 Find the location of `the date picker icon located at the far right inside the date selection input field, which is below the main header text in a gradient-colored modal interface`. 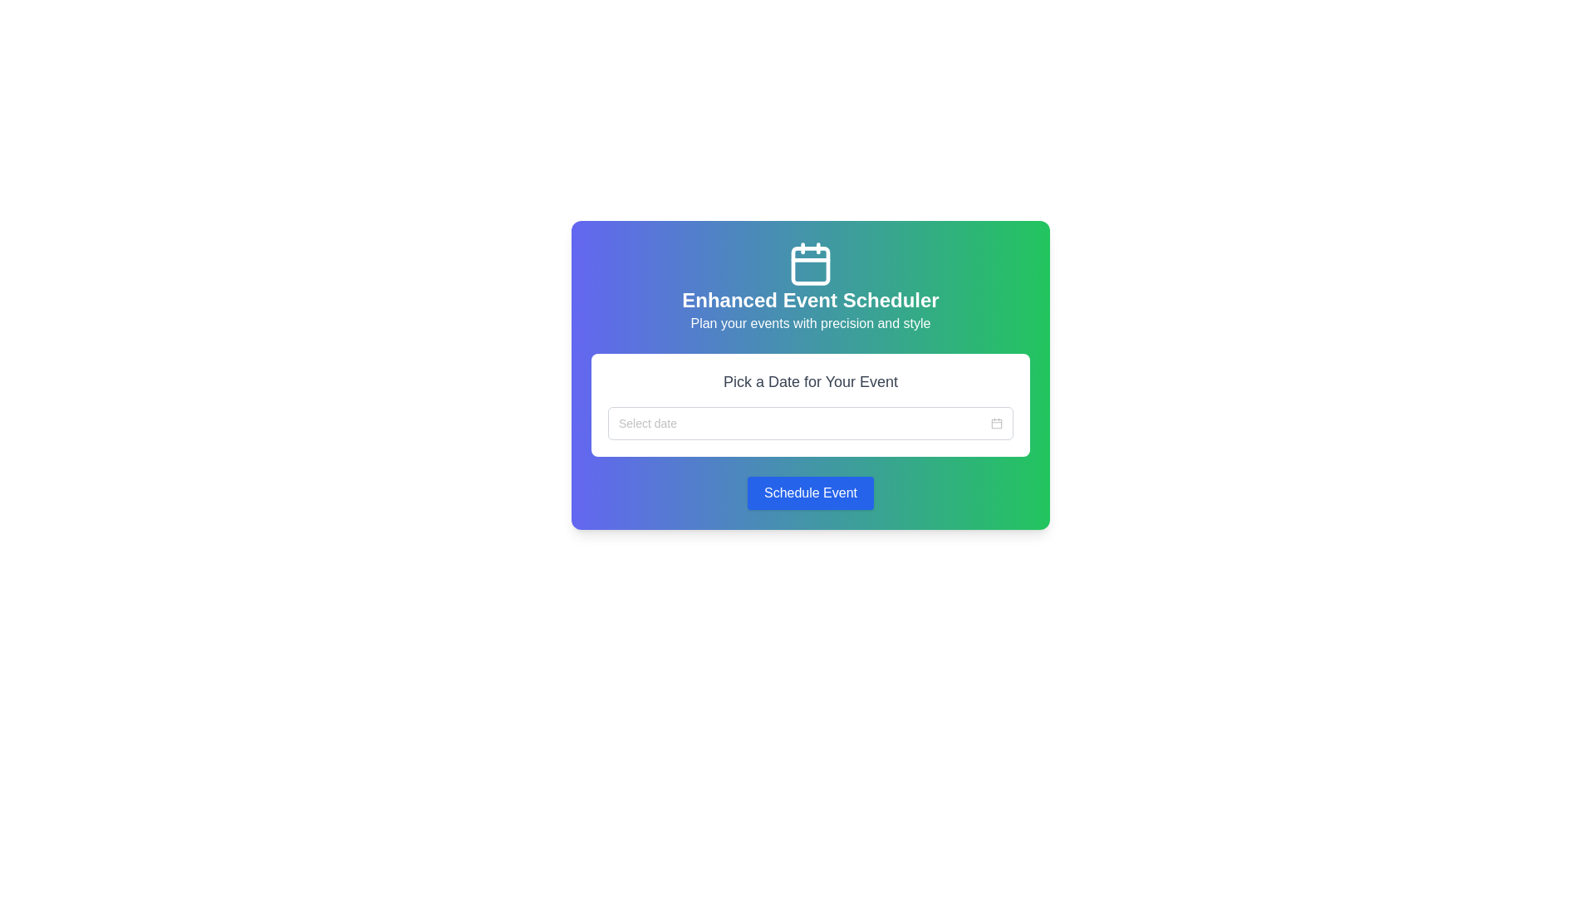

the date picker icon located at the far right inside the date selection input field, which is below the main header text in a gradient-colored modal interface is located at coordinates (997, 422).